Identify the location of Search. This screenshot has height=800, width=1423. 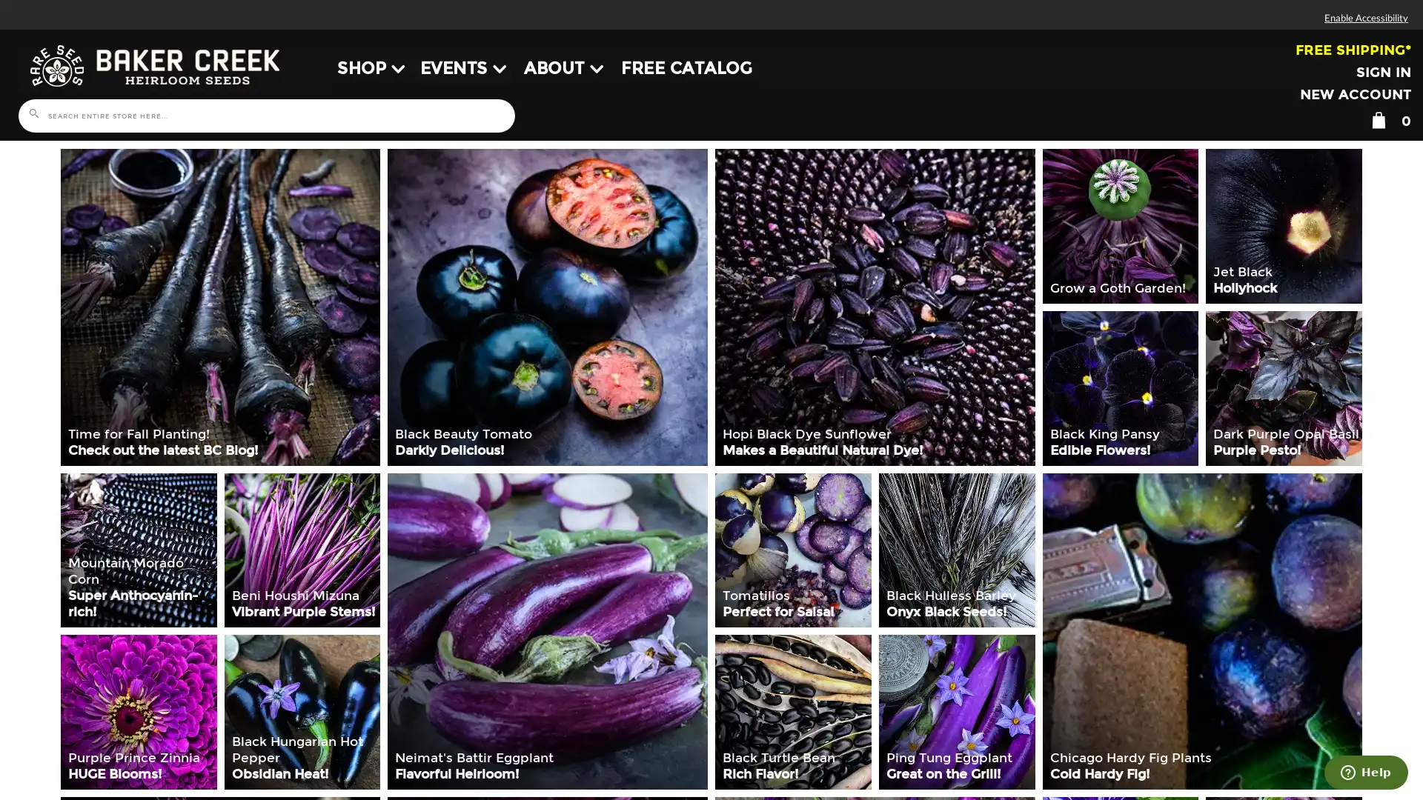
(33, 113).